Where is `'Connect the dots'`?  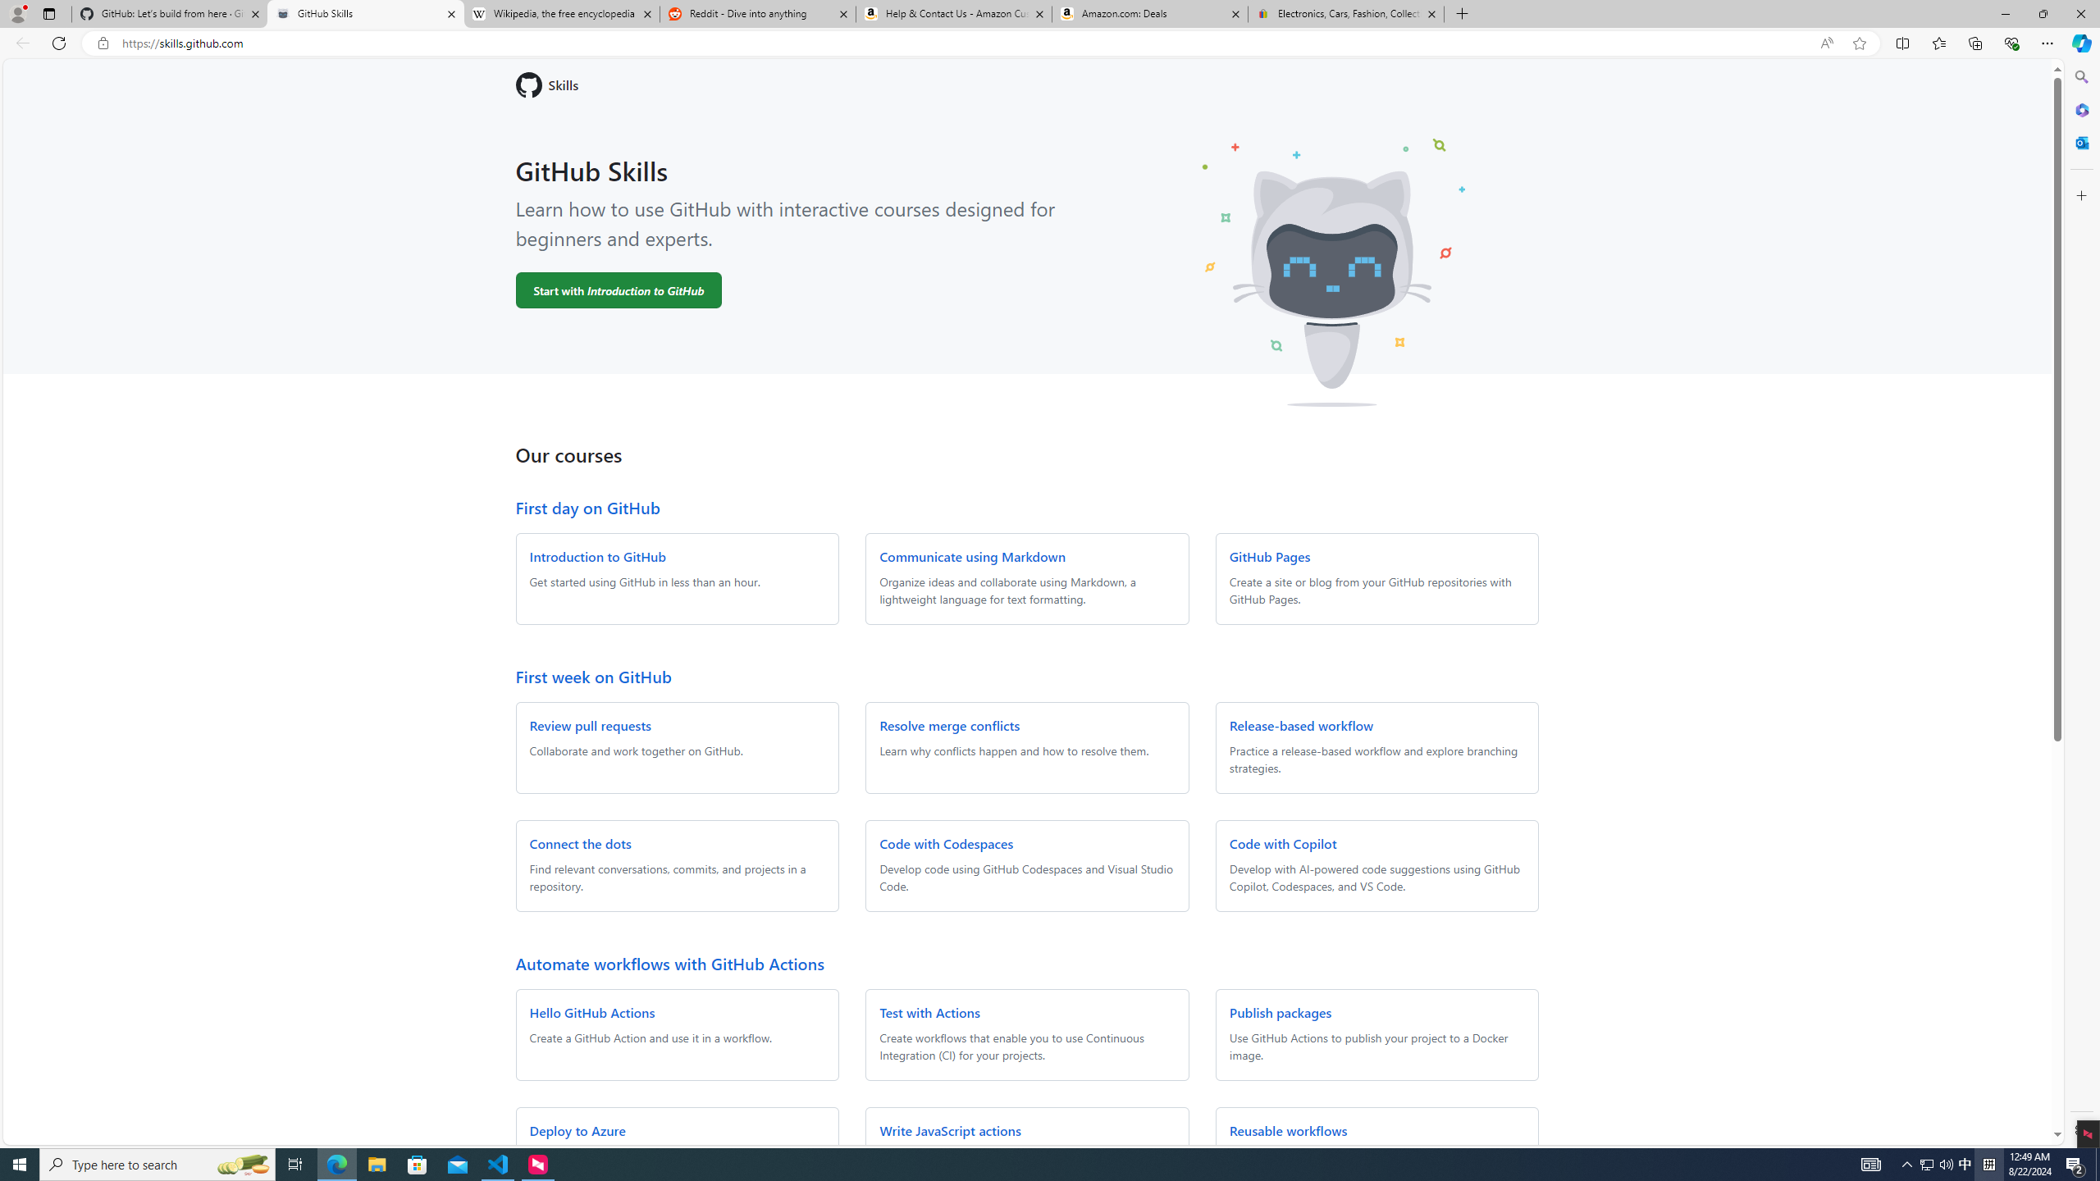
'Connect the dots' is located at coordinates (579, 842).